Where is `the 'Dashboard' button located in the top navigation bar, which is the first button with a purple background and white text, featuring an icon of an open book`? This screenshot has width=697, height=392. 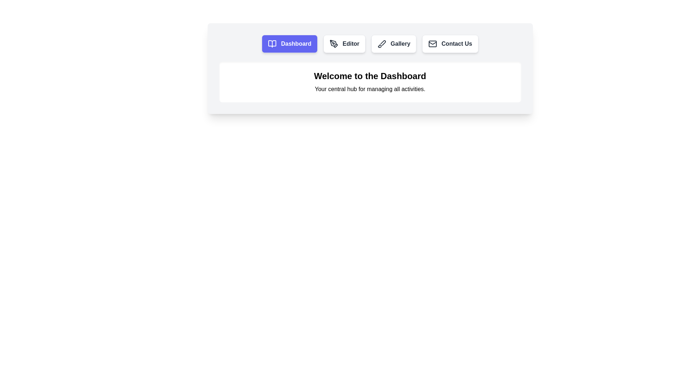
the 'Dashboard' button located in the top navigation bar, which is the first button with a purple background and white text, featuring an icon of an open book is located at coordinates (289, 44).